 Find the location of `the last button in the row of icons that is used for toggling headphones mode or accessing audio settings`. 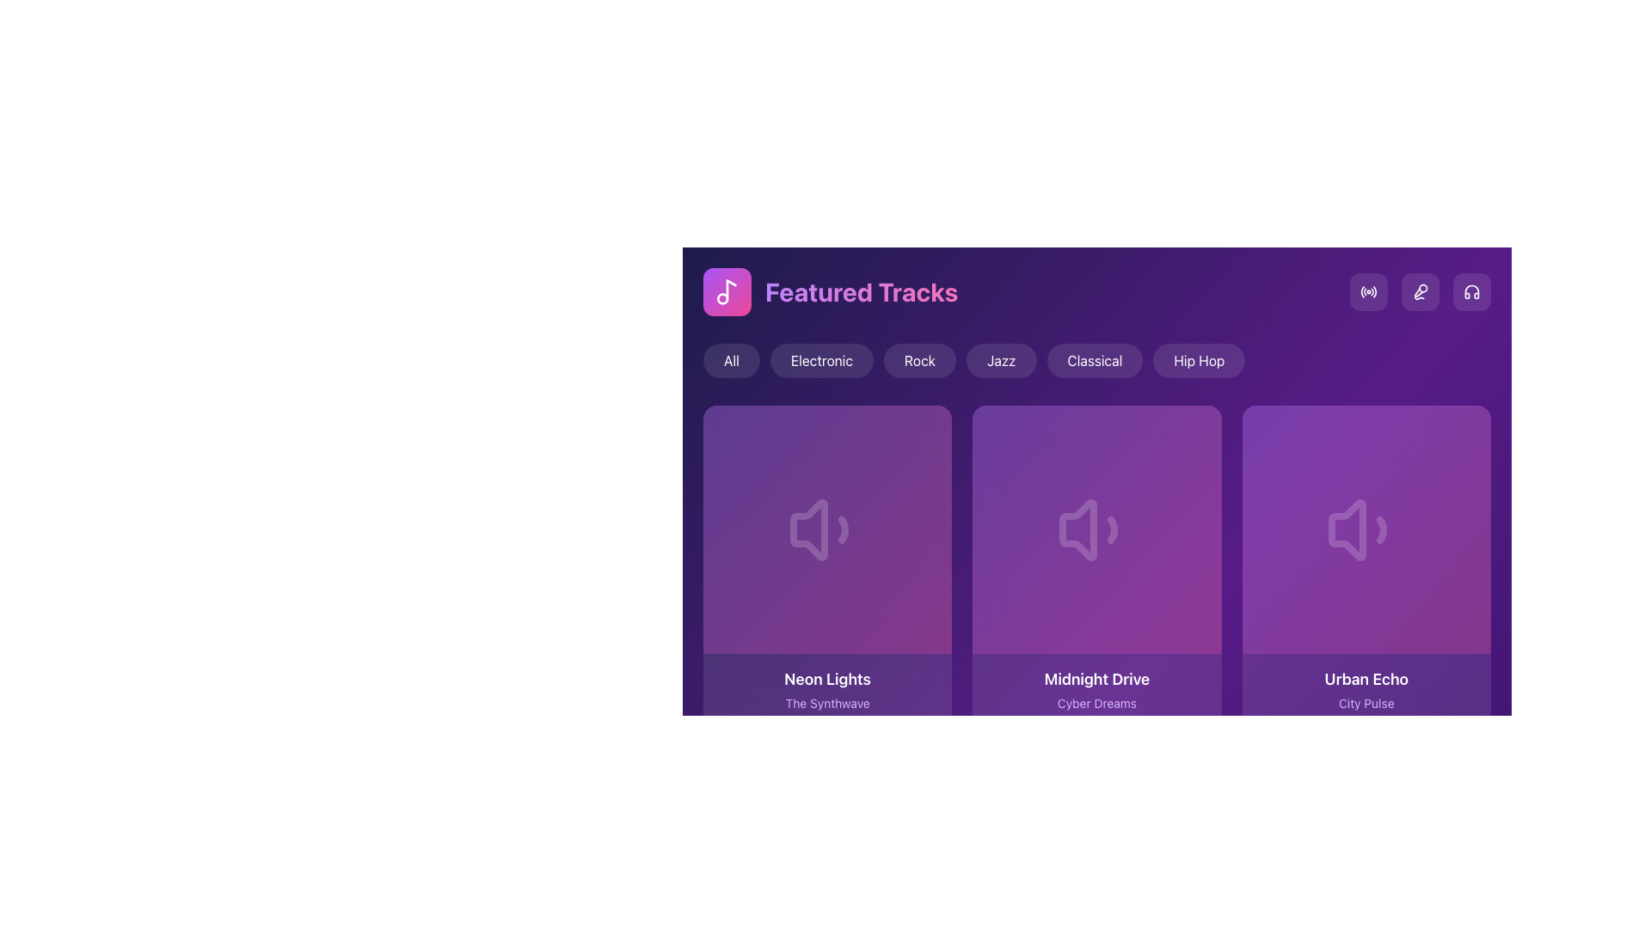

the last button in the row of icons that is used for toggling headphones mode or accessing audio settings is located at coordinates (1471, 290).